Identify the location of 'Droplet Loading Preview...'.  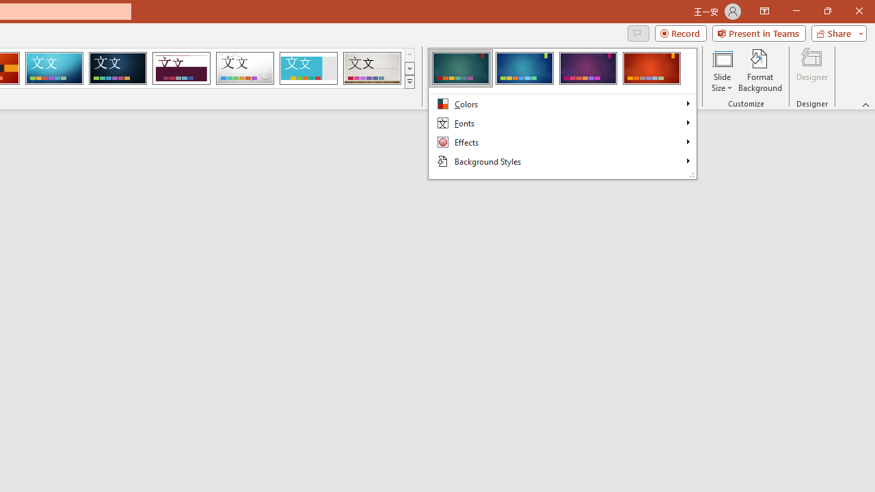
(245, 68).